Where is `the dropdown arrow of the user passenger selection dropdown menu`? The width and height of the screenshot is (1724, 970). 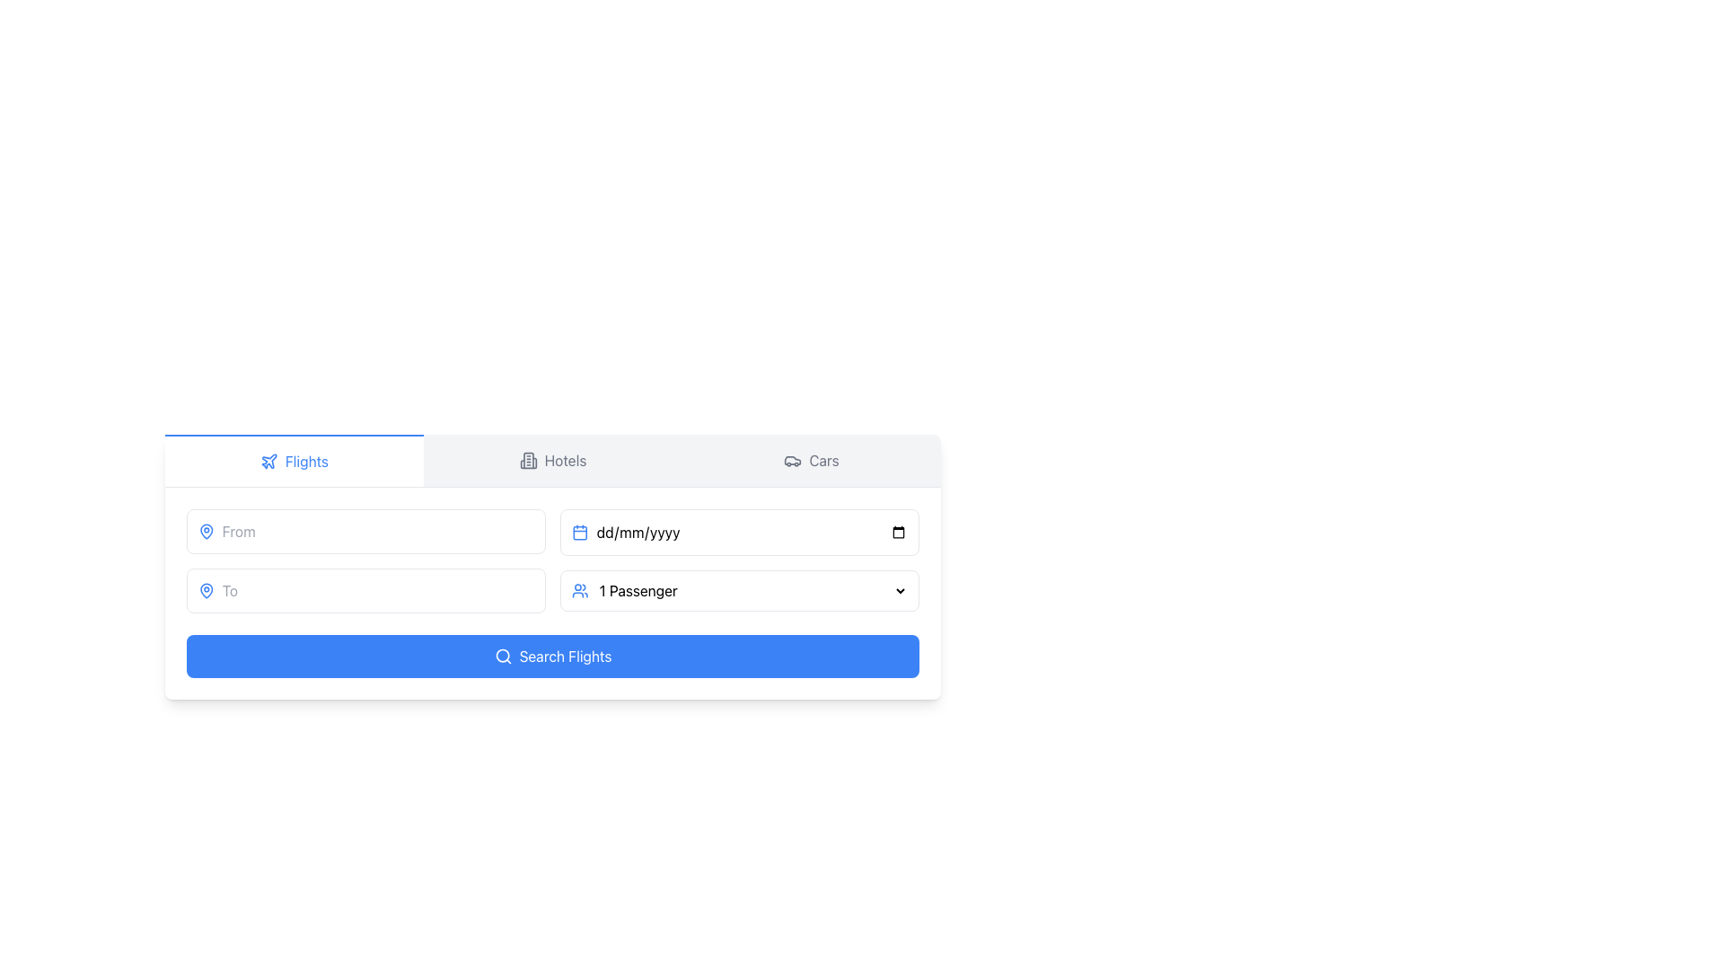 the dropdown arrow of the user passenger selection dropdown menu is located at coordinates (740, 591).